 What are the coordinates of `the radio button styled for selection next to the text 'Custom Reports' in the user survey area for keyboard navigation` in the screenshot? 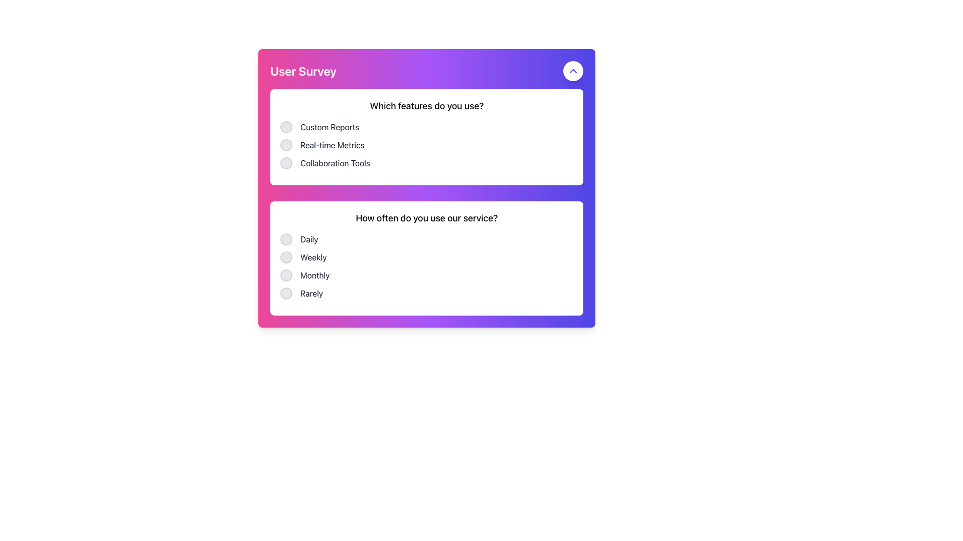 It's located at (286, 127).